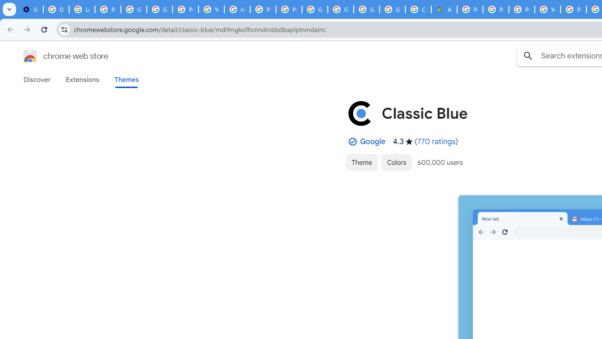  Describe the element at coordinates (55, 56) in the screenshot. I see `'Chrome Web Store logo chrome web store'` at that location.